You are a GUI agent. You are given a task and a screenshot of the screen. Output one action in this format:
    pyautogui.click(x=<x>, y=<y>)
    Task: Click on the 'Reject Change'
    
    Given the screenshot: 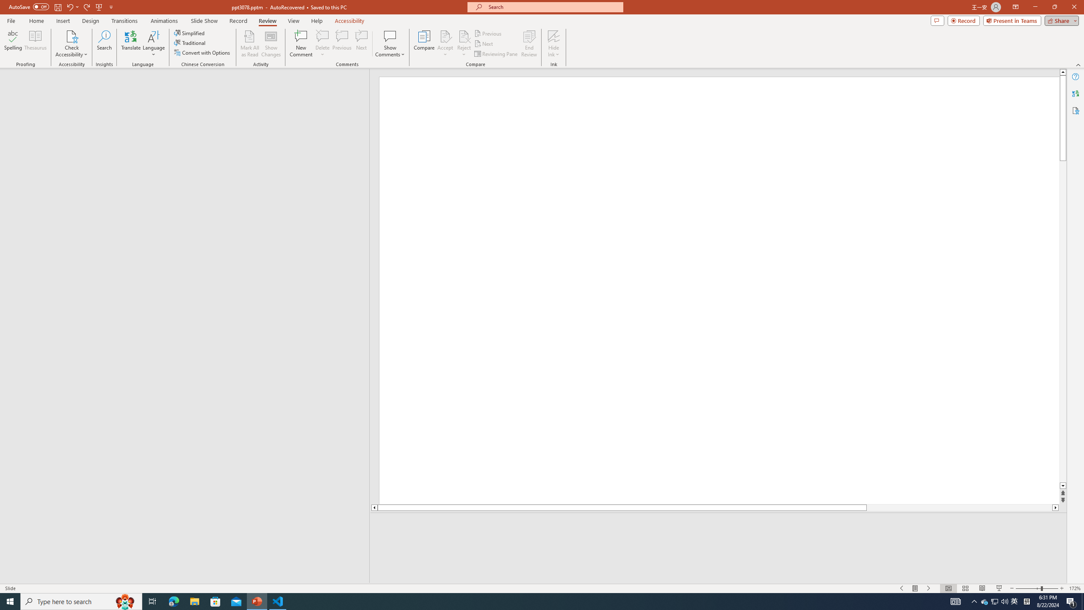 What is the action you would take?
    pyautogui.click(x=463, y=36)
    